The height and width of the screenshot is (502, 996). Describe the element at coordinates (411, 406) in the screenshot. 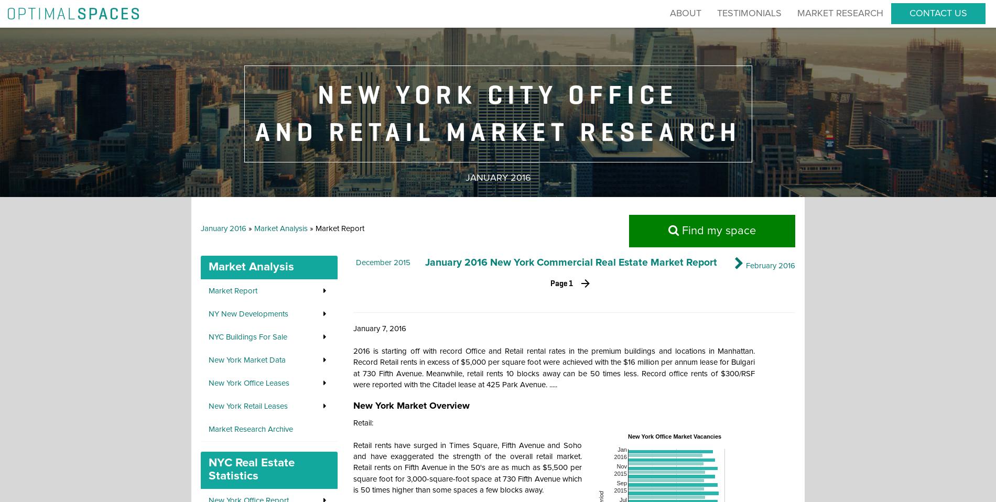

I see `'New York Market Overview'` at that location.